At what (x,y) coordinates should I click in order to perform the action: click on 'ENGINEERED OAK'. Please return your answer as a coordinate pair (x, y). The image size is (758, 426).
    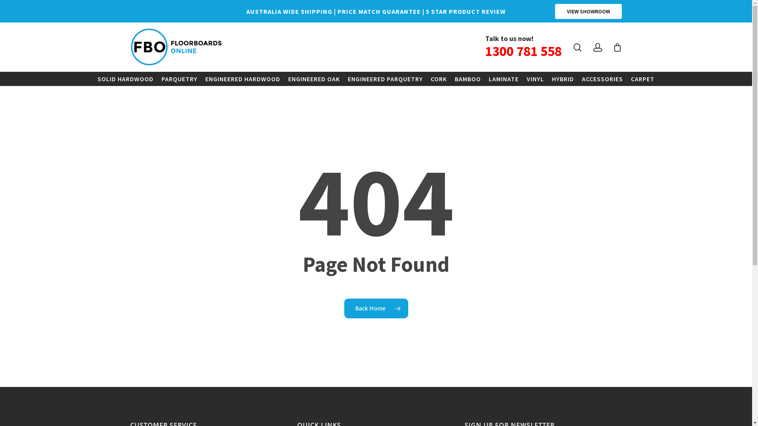
    Looking at the image, I should click on (313, 79).